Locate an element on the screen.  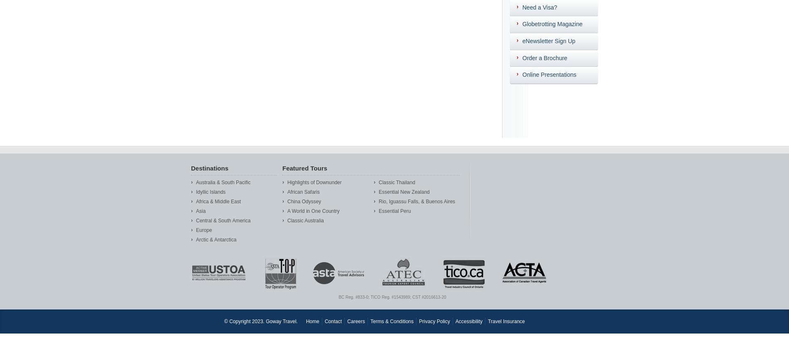
'Contact' is located at coordinates (332, 320).